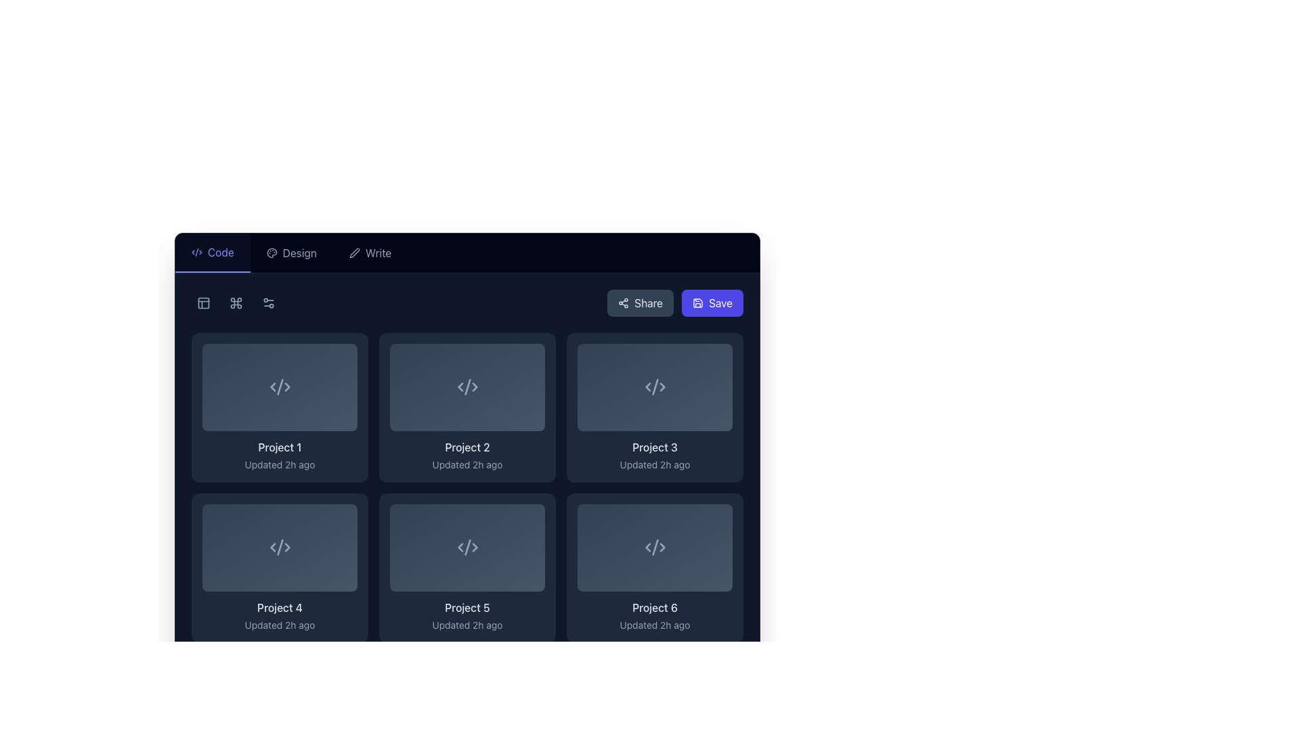 Image resolution: width=1300 pixels, height=731 pixels. I want to click on the slate-gray SVG icon resembling a stack of rectangular sheets located in the top-right corner of the 'Project 3' card, so click(729, 346).